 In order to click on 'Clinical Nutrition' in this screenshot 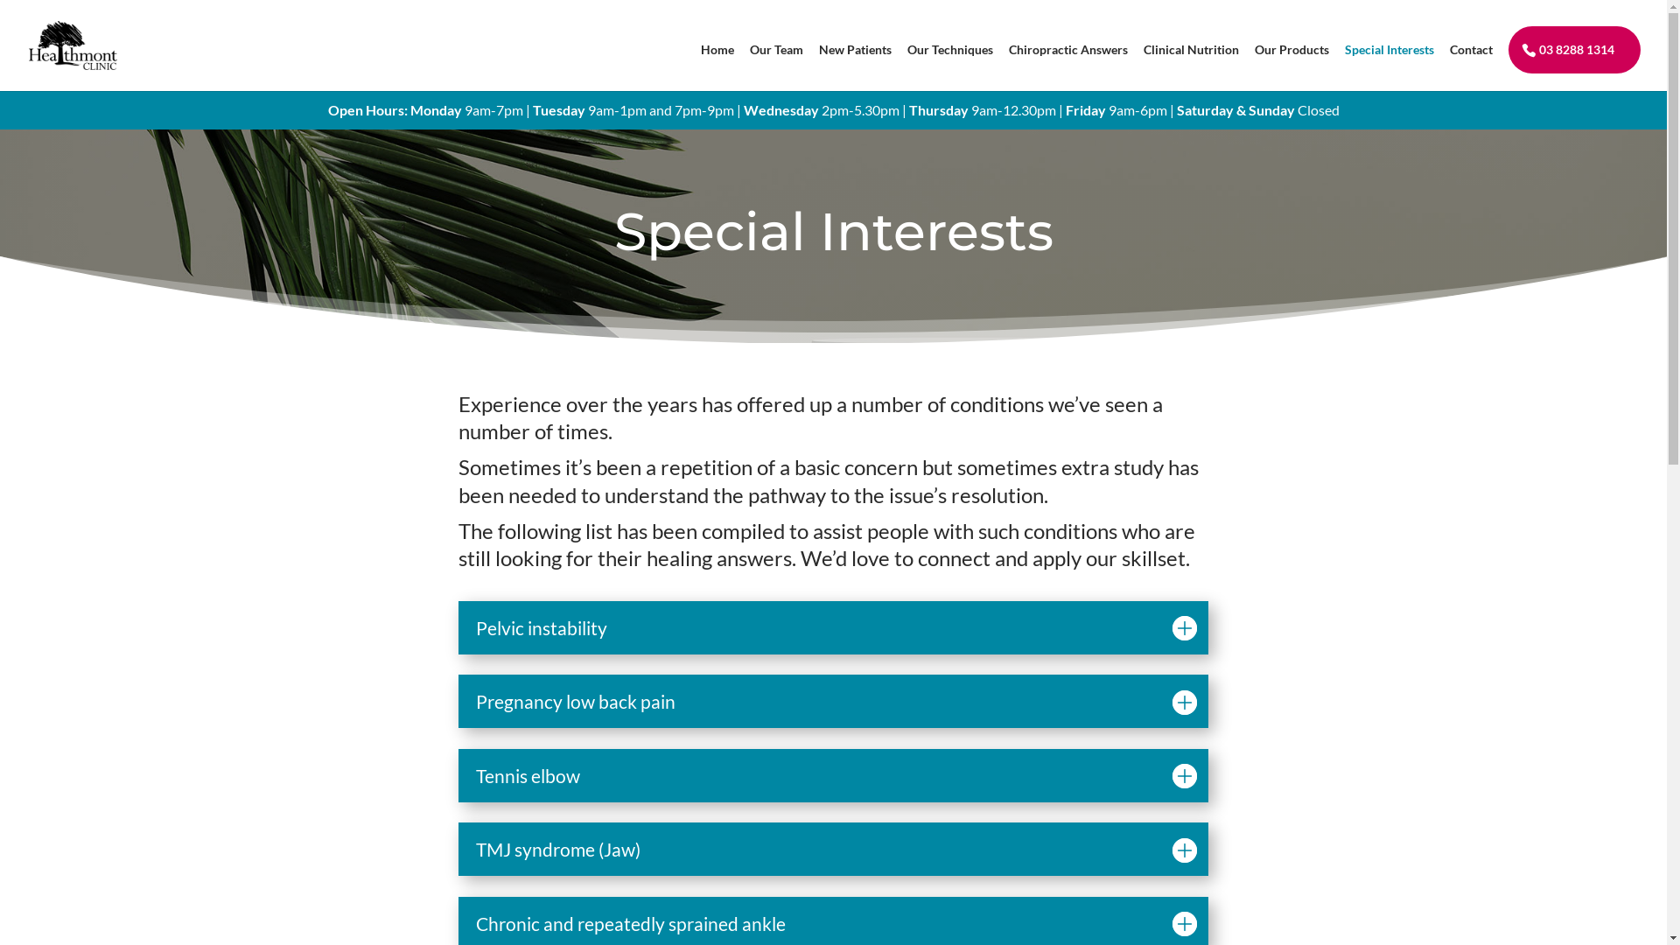, I will do `click(1143, 62)`.